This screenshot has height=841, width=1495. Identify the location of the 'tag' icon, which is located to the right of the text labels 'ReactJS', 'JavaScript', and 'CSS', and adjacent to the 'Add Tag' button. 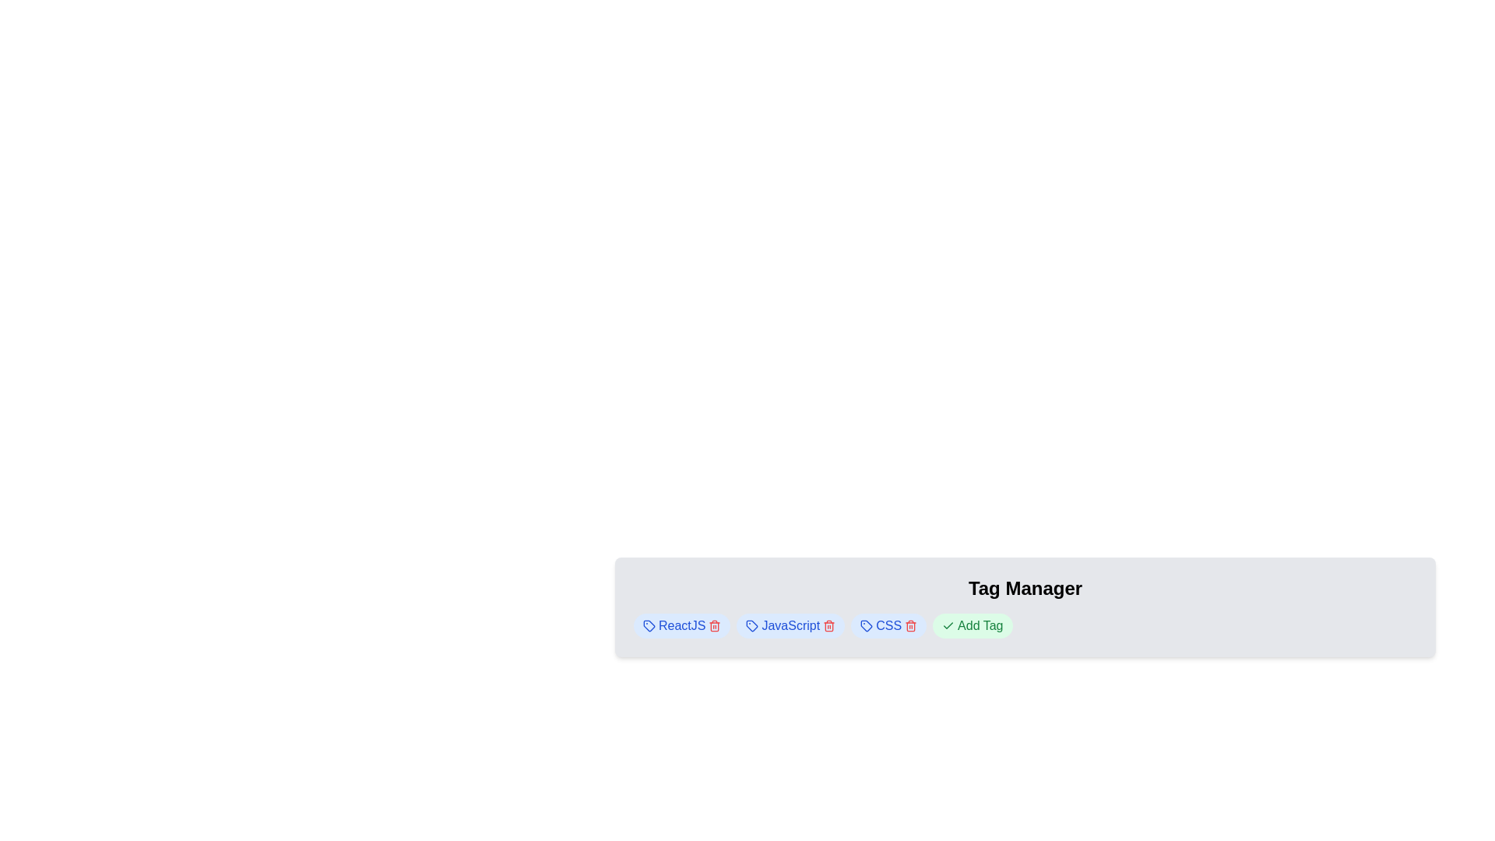
(866, 625).